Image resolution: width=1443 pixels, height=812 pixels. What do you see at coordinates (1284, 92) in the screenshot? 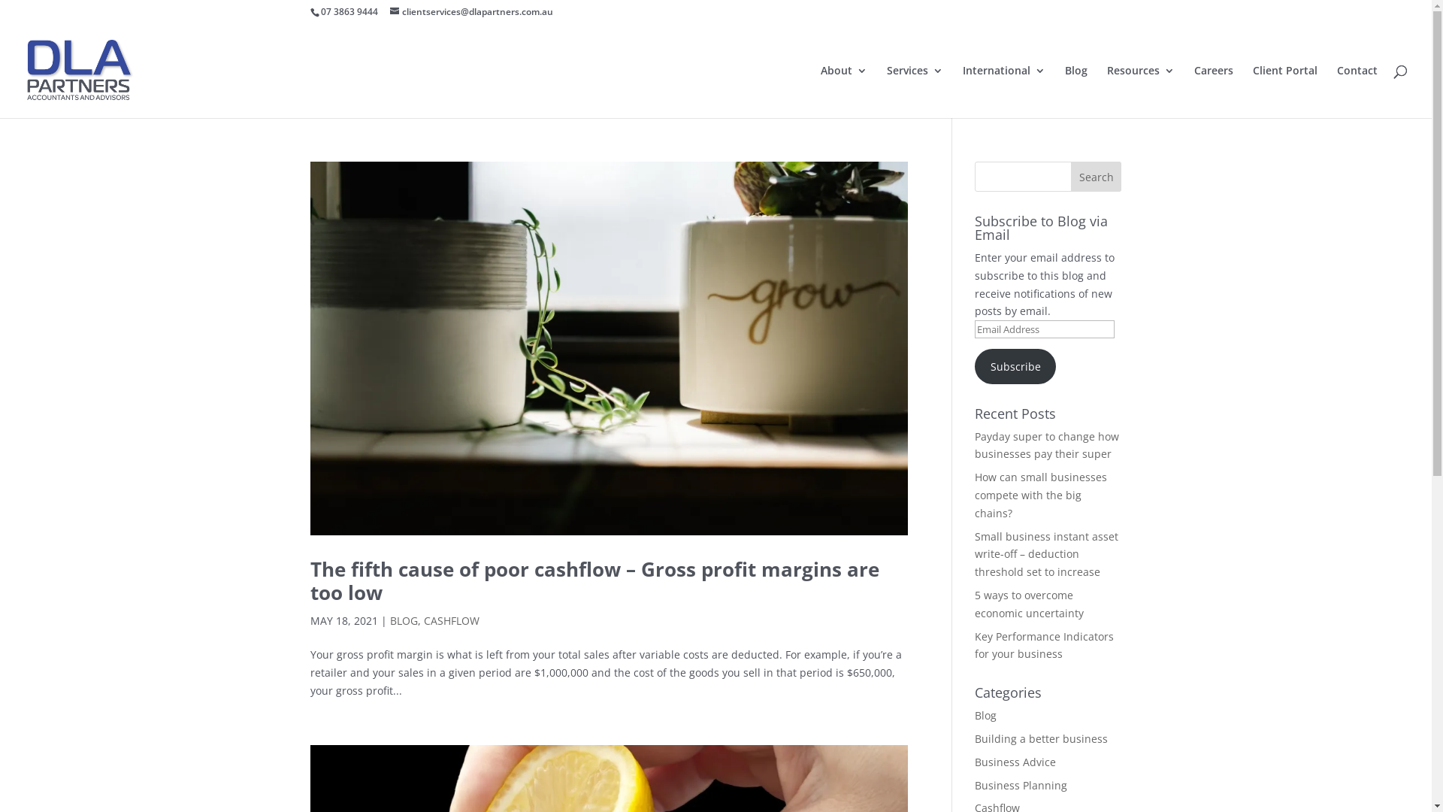
I see `'Client Portal'` at bounding box center [1284, 92].